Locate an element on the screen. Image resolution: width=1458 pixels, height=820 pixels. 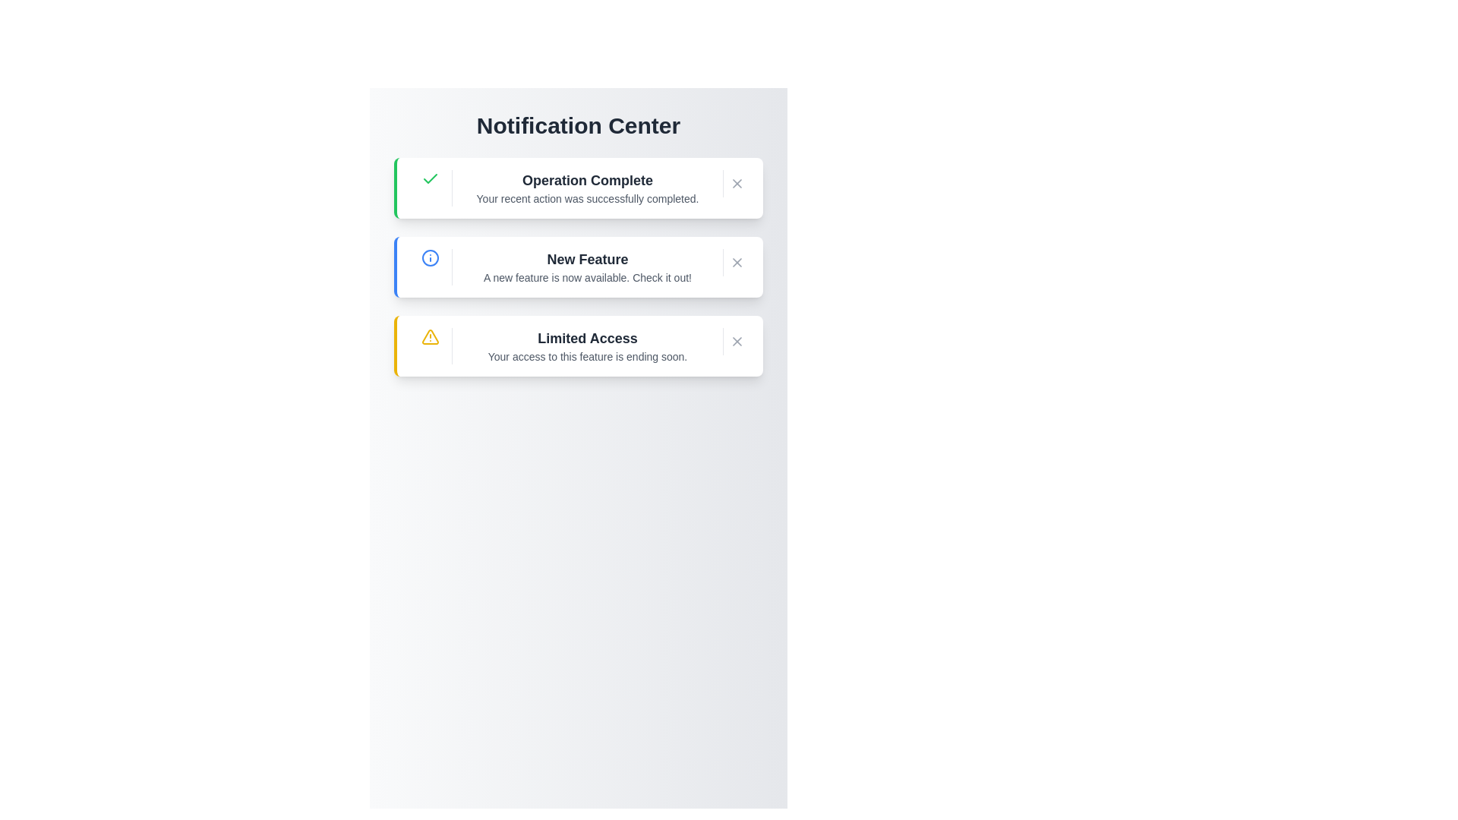
the circular vector graphic element that serves as a visual indicator within the informational icon of the 'New Feature' notification card is located at coordinates (429, 257).